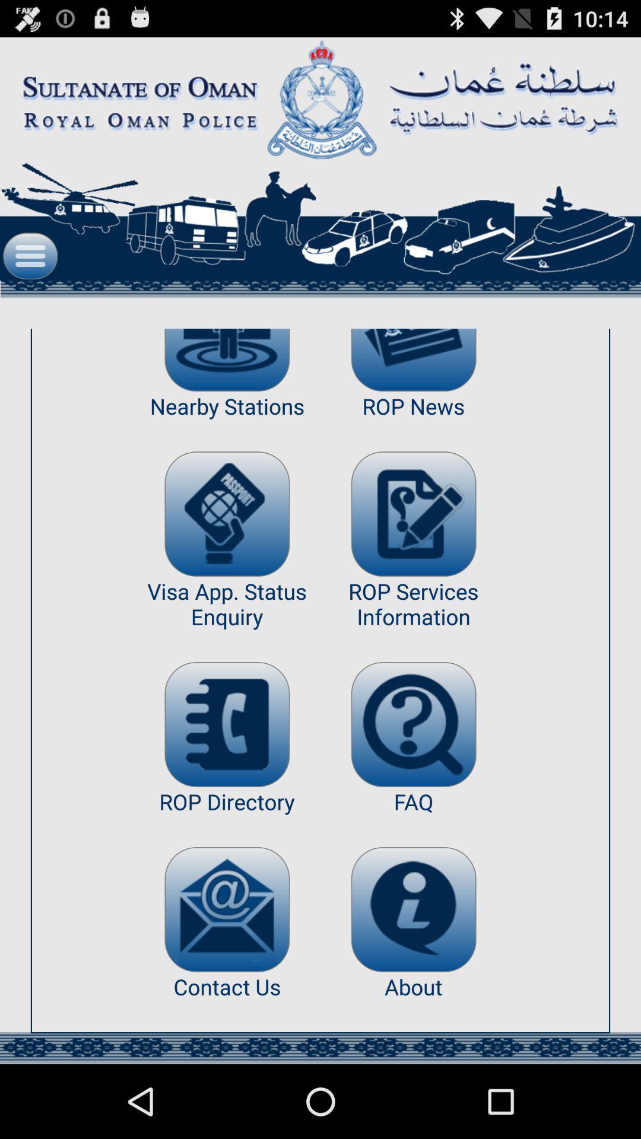 This screenshot has width=641, height=1139. Describe the element at coordinates (227, 359) in the screenshot. I see `nearby stations` at that location.